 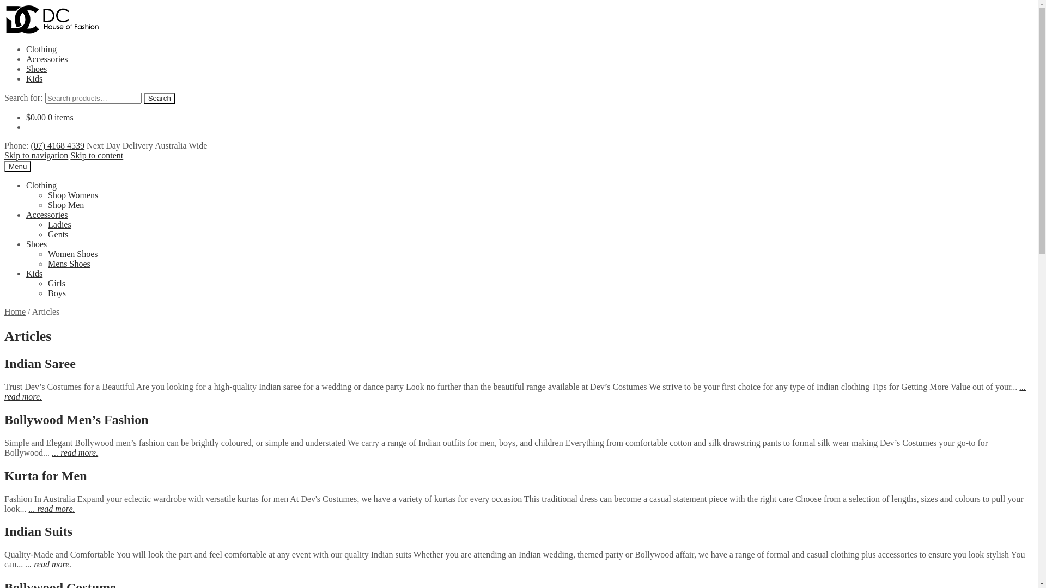 What do you see at coordinates (59, 224) in the screenshot?
I see `'Ladies'` at bounding box center [59, 224].